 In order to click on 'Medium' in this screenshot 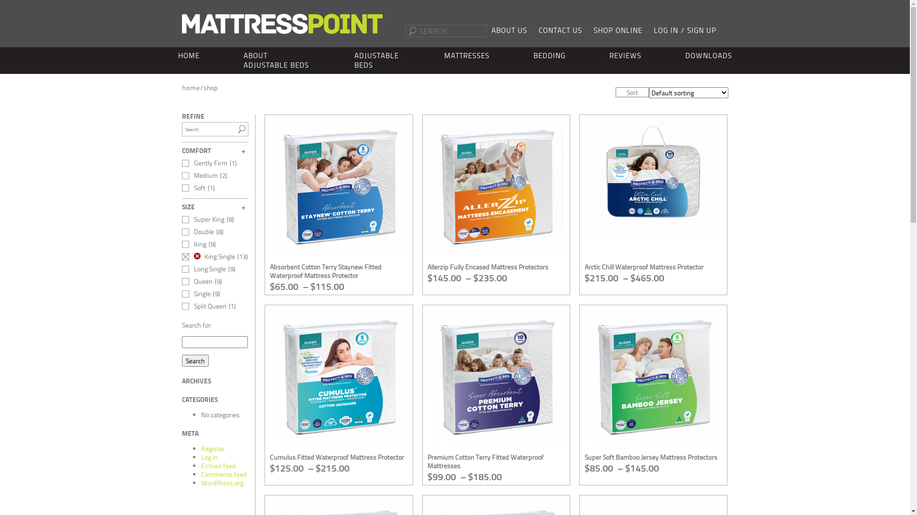, I will do `click(199, 175)`.